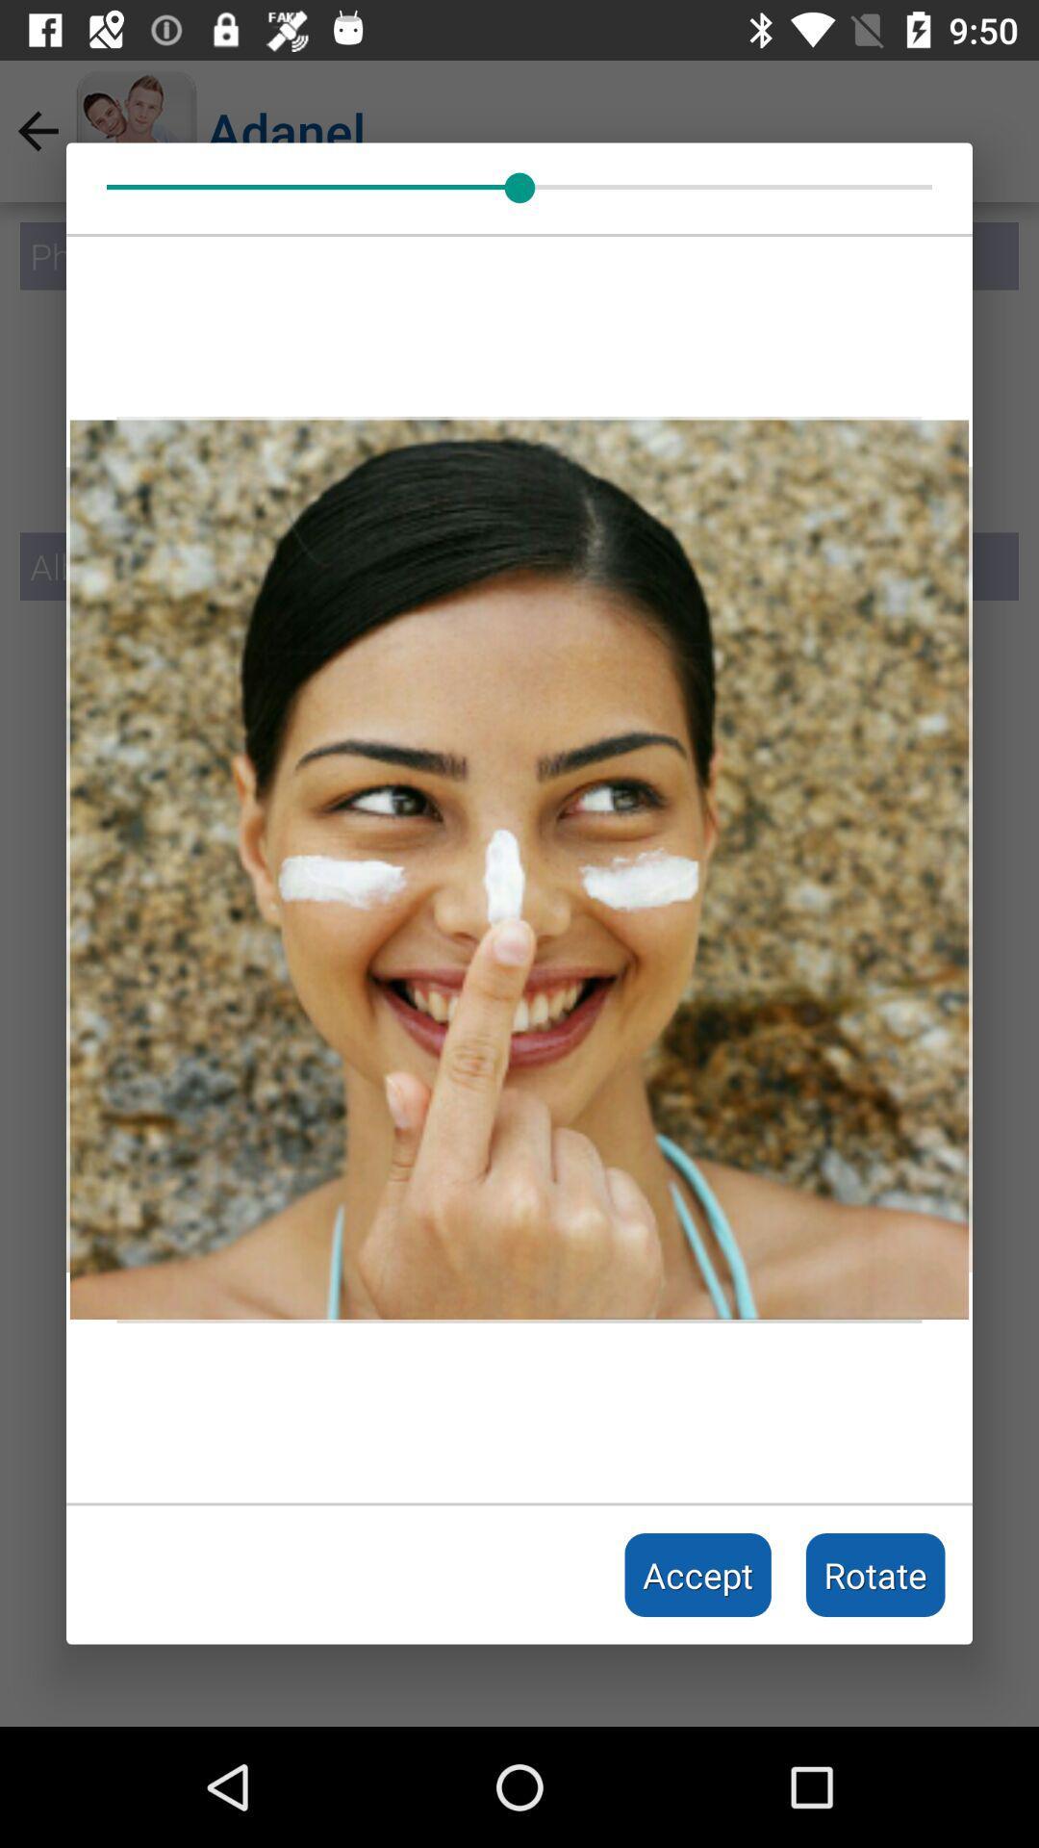 The height and width of the screenshot is (1848, 1039). Describe the element at coordinates (697, 1575) in the screenshot. I see `the icon next to rotate` at that location.